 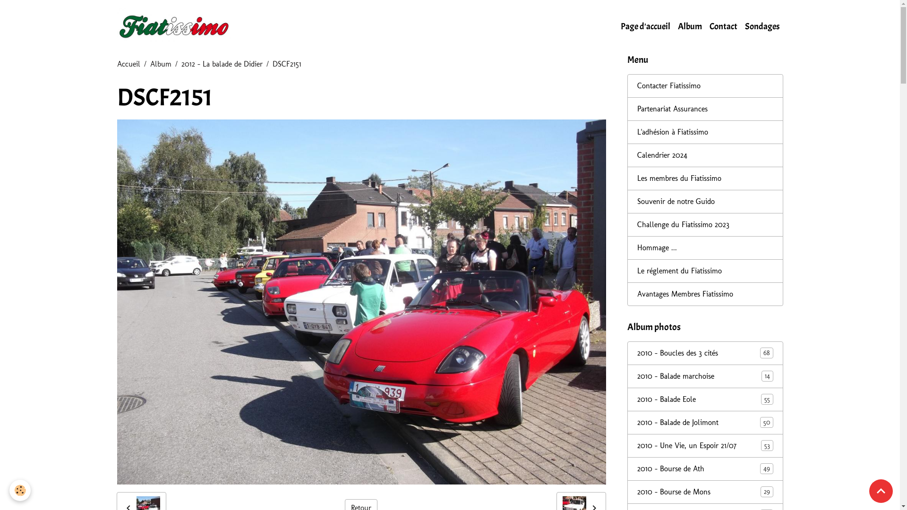 What do you see at coordinates (705, 468) in the screenshot?
I see `'2010 - Bourse de Ath` at bounding box center [705, 468].